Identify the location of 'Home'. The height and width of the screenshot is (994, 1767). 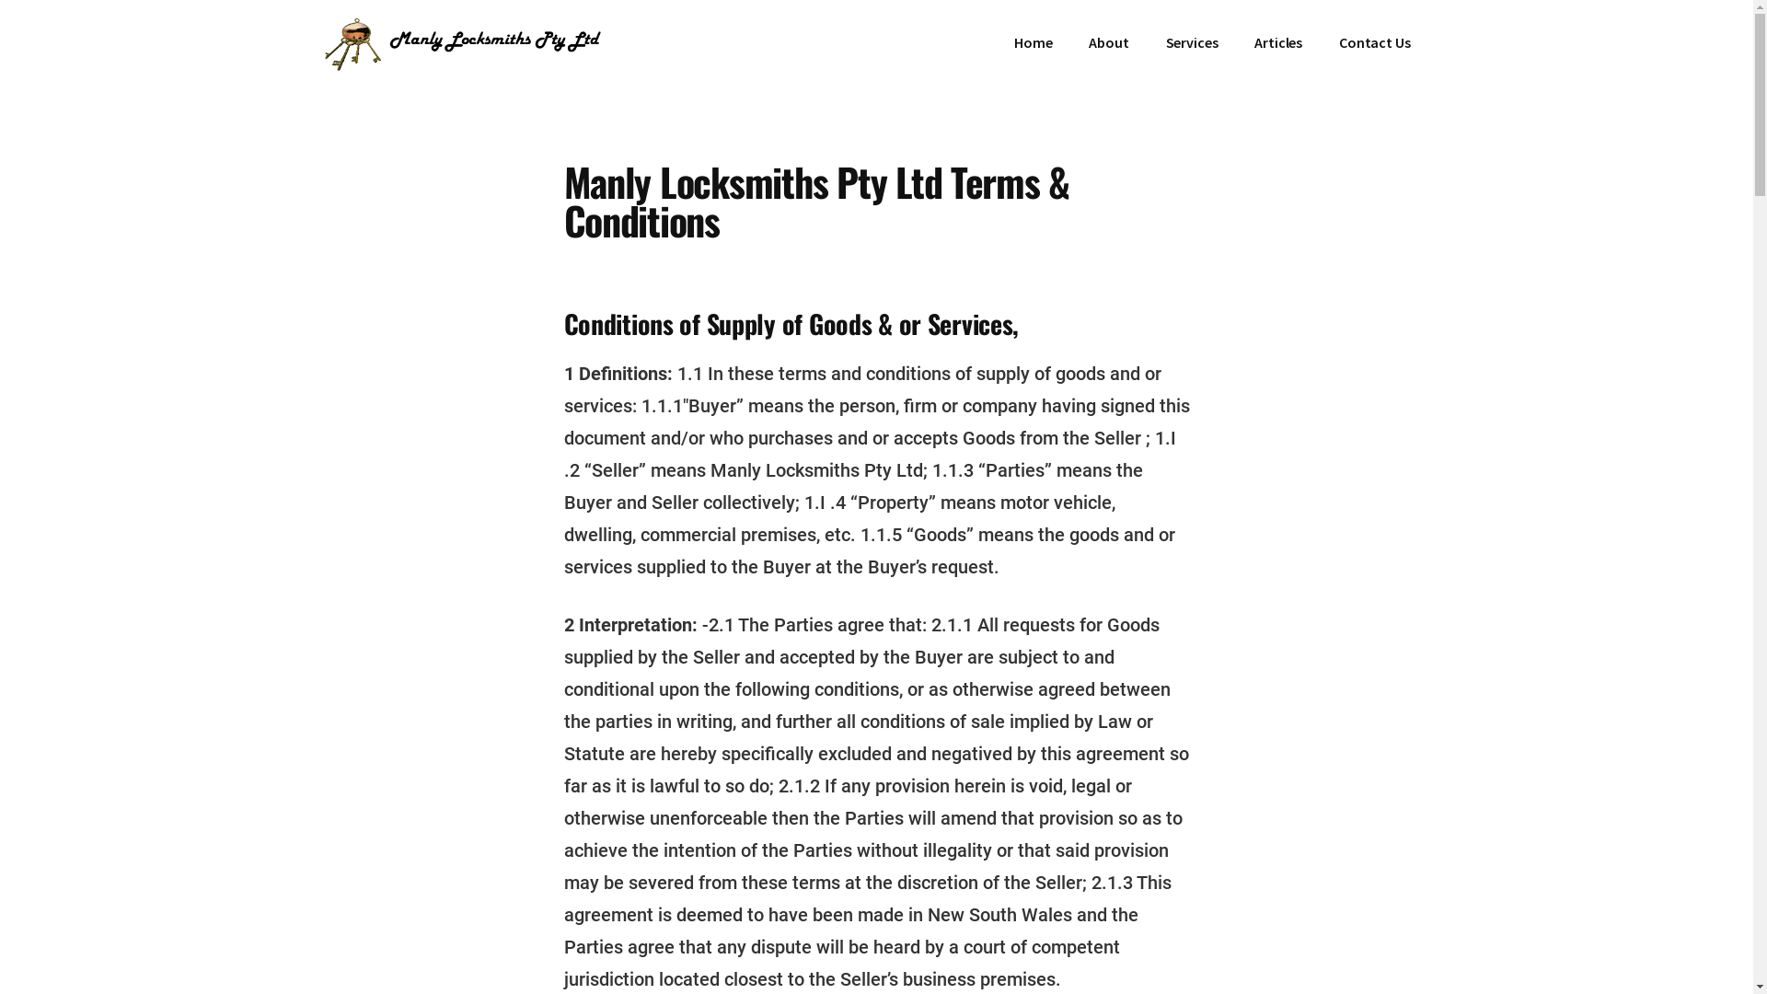
(1033, 41).